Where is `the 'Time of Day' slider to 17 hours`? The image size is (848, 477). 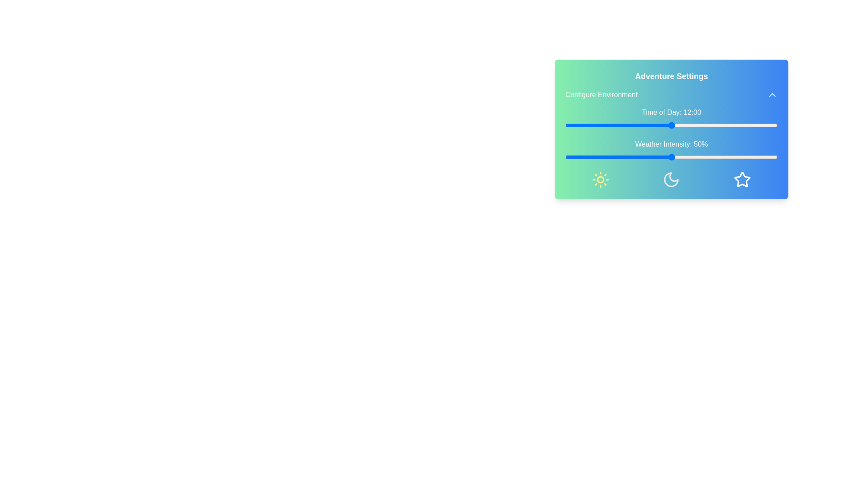 the 'Time of Day' slider to 17 hours is located at coordinates (715, 125).